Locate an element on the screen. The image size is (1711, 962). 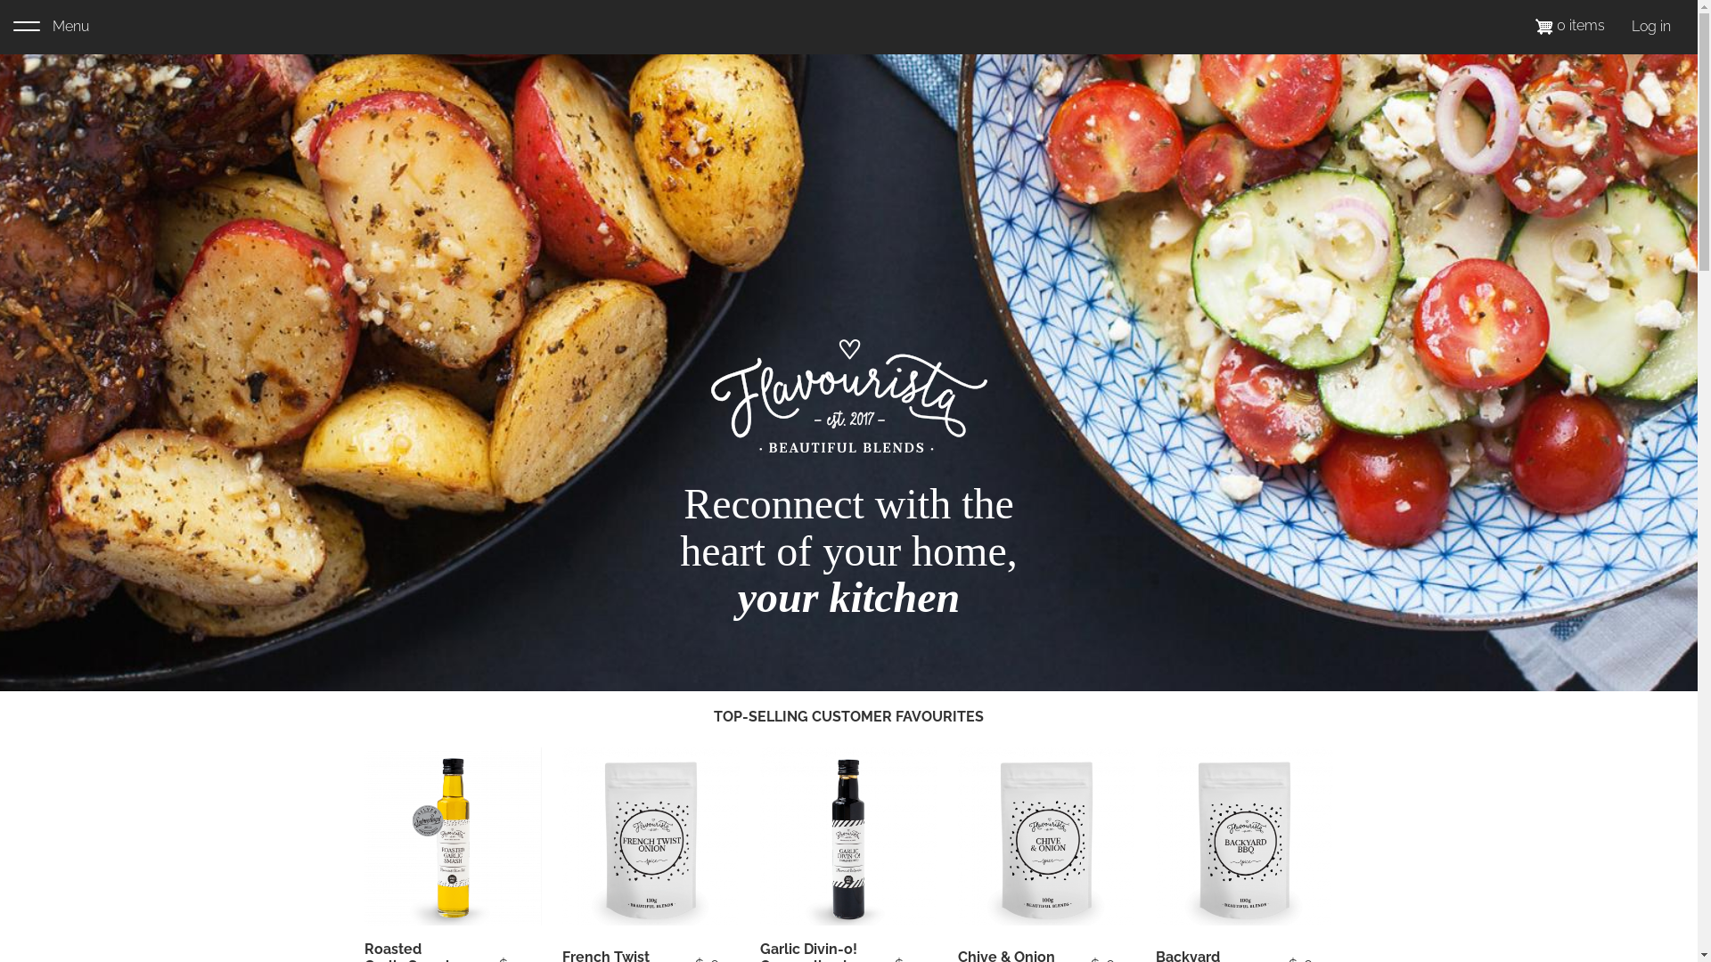
'Menu' is located at coordinates (12, 27).